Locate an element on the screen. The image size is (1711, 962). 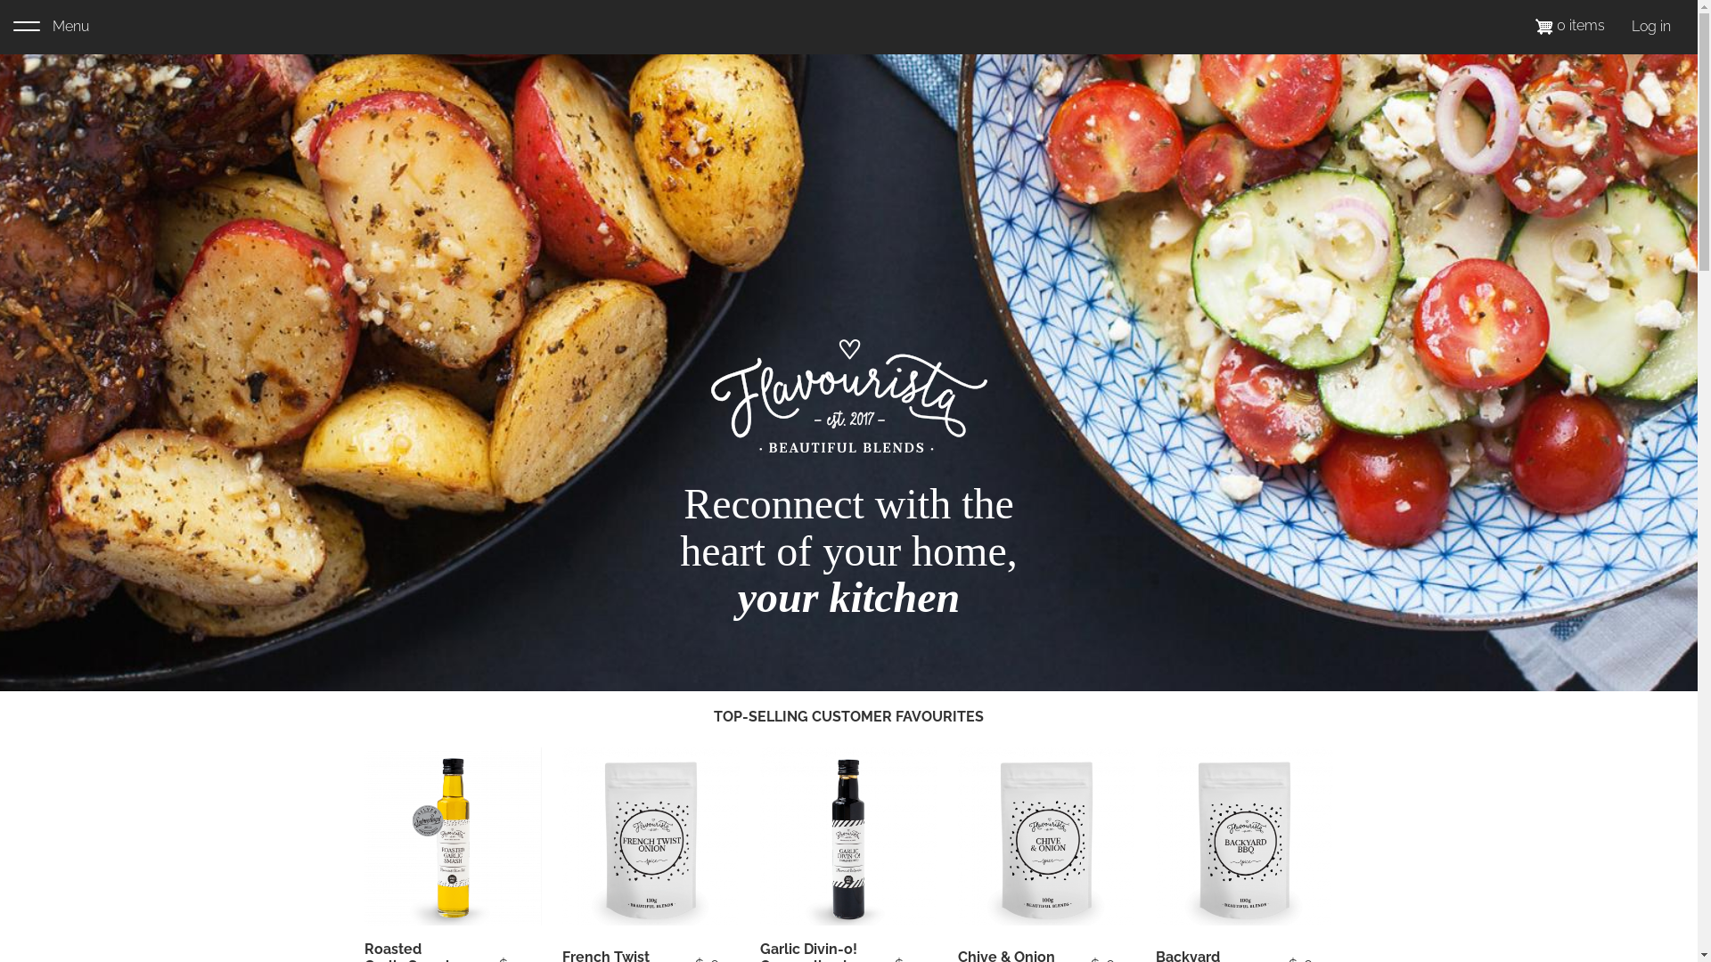
'Menu' is located at coordinates (12, 27).